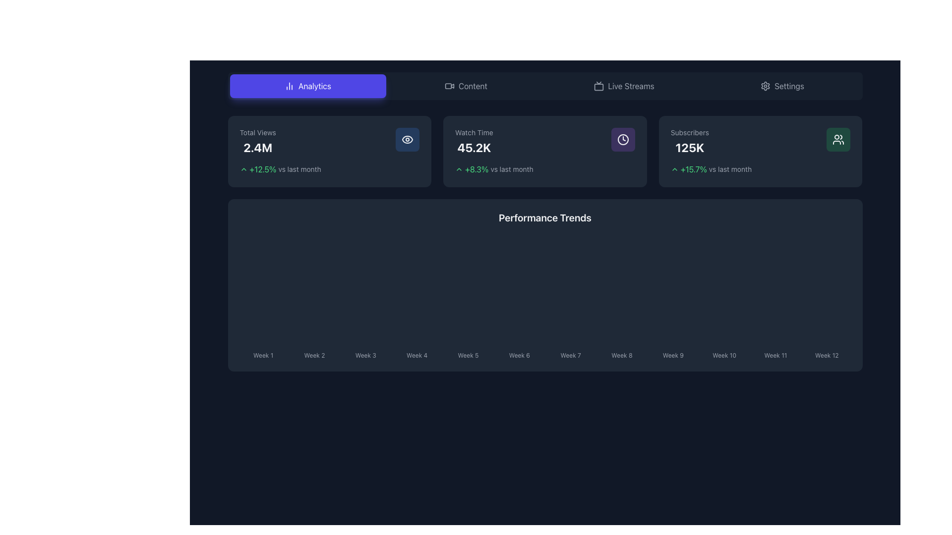 The image size is (952, 535). Describe the element at coordinates (468, 353) in the screenshot. I see `the selectable block labeled 'Week 5'` at that location.